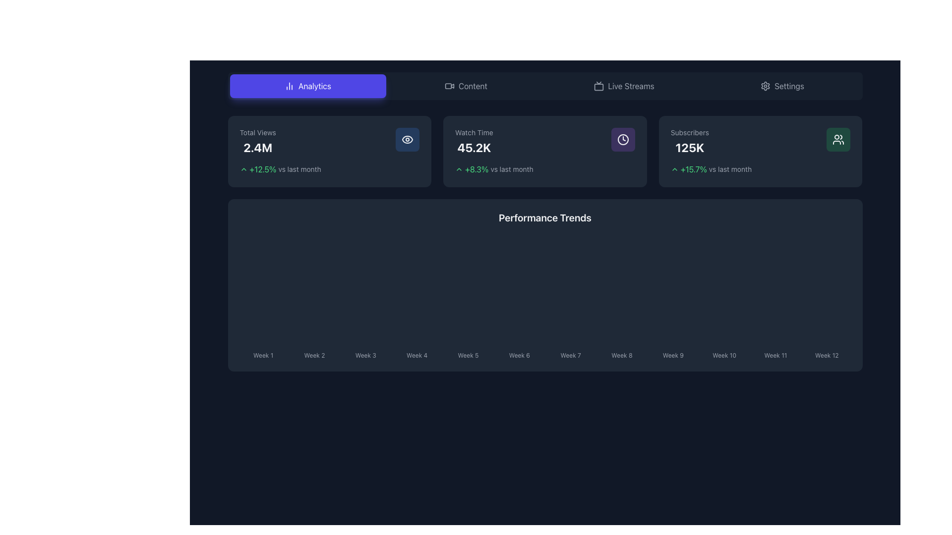 The image size is (952, 535). Describe the element at coordinates (468, 353) in the screenshot. I see `the selectable block labeled 'Week 5'` at that location.